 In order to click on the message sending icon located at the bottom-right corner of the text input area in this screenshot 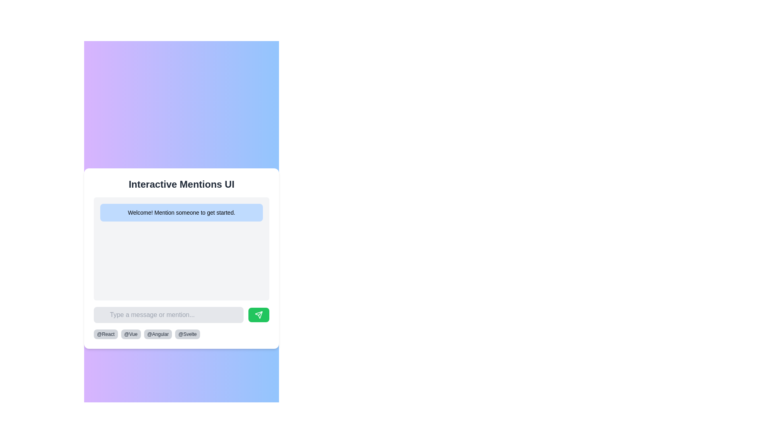, I will do `click(259, 315)`.